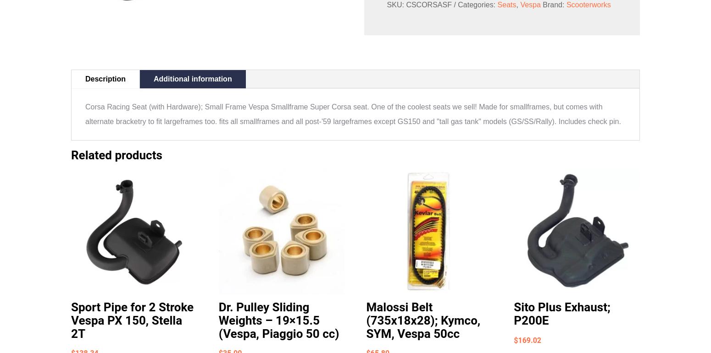 The height and width of the screenshot is (353, 711). Describe the element at coordinates (396, 4) in the screenshot. I see `'SKU:'` at that location.